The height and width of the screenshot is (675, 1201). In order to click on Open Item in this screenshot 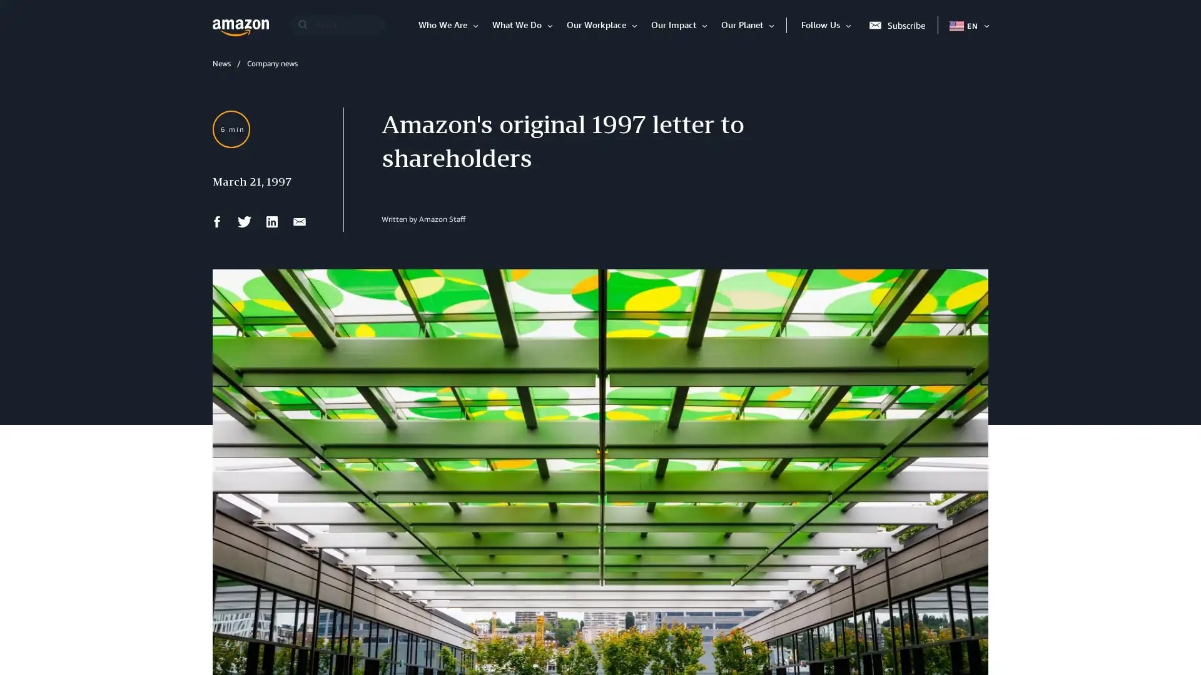, I will do `click(773, 24)`.